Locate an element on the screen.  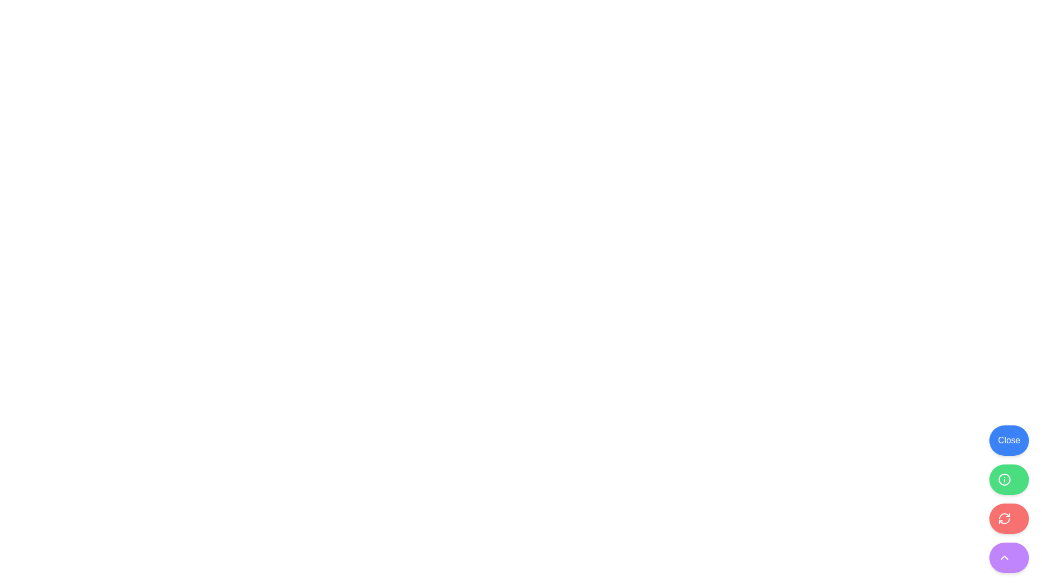
the 'Back to top' button located at the bottom right corner of the interface is located at coordinates (1008, 558).